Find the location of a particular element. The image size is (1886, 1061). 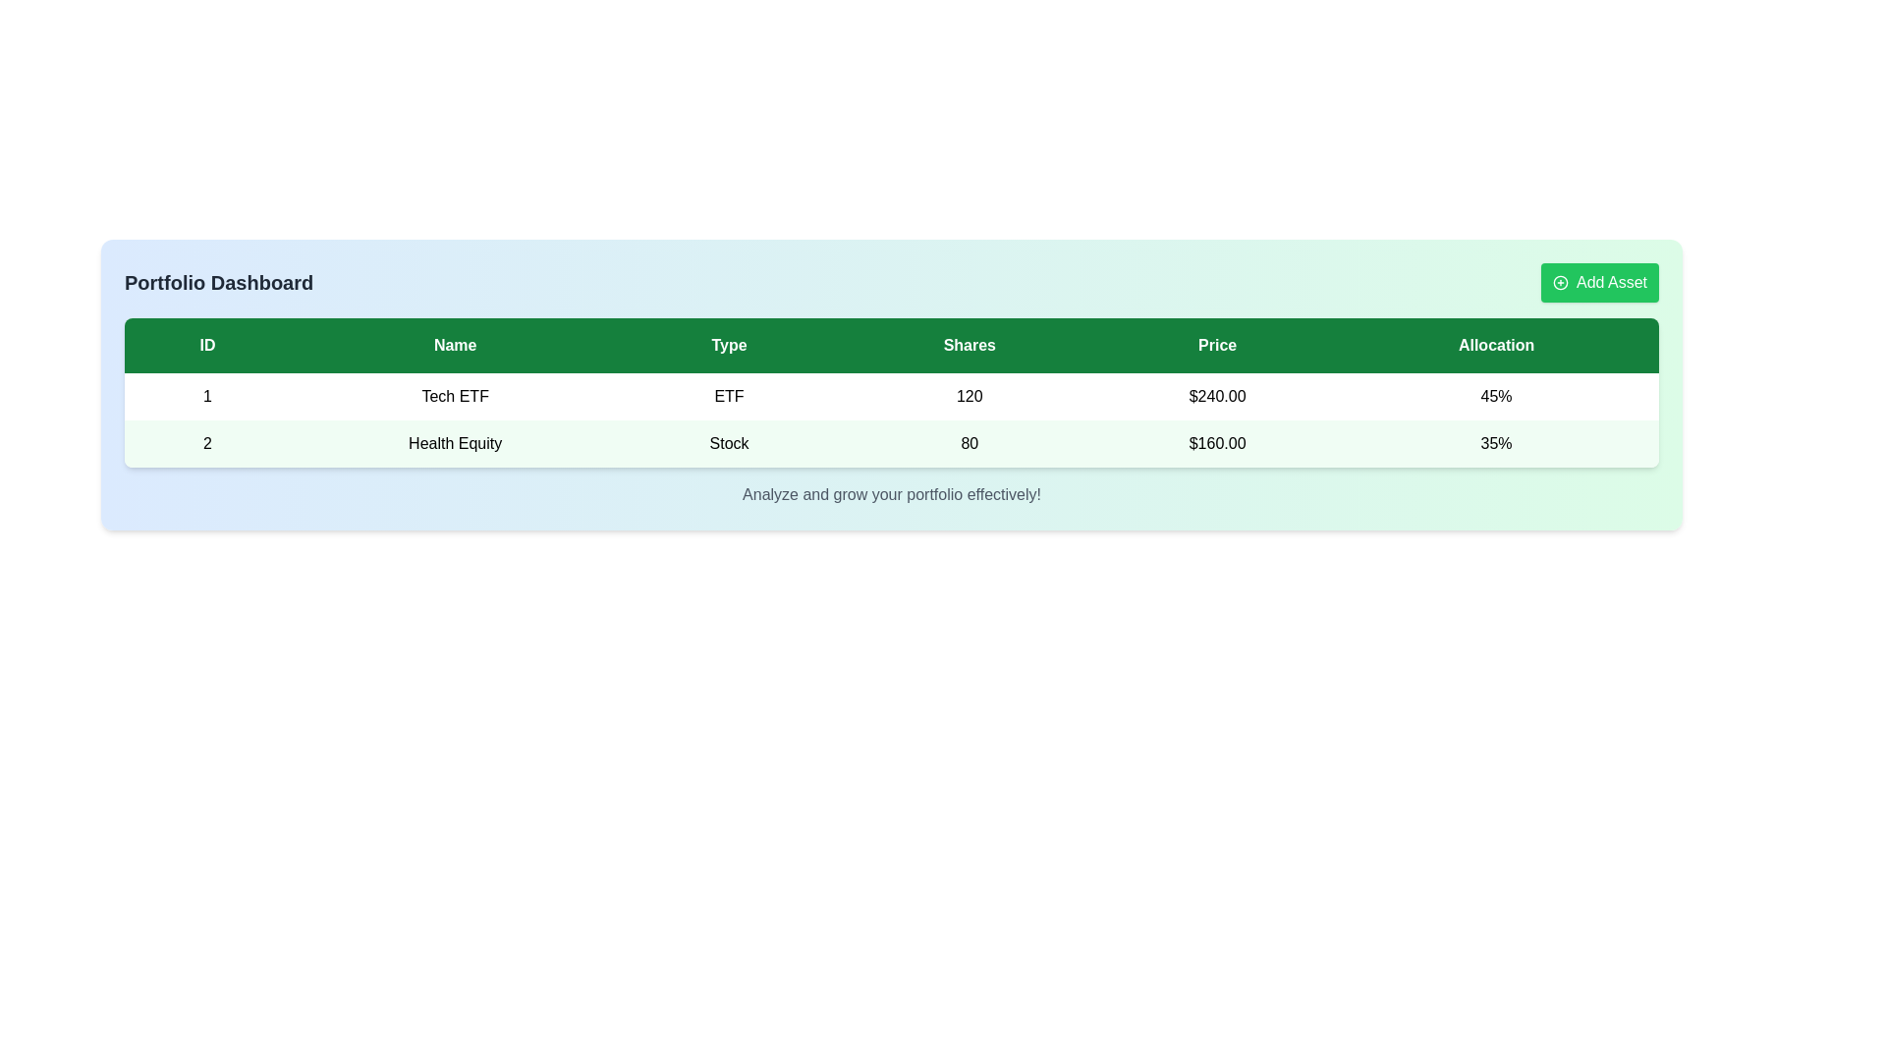

the 'Allocation' Table Header element, which has a green background and white bold text, to sort the column is located at coordinates (1495, 344).